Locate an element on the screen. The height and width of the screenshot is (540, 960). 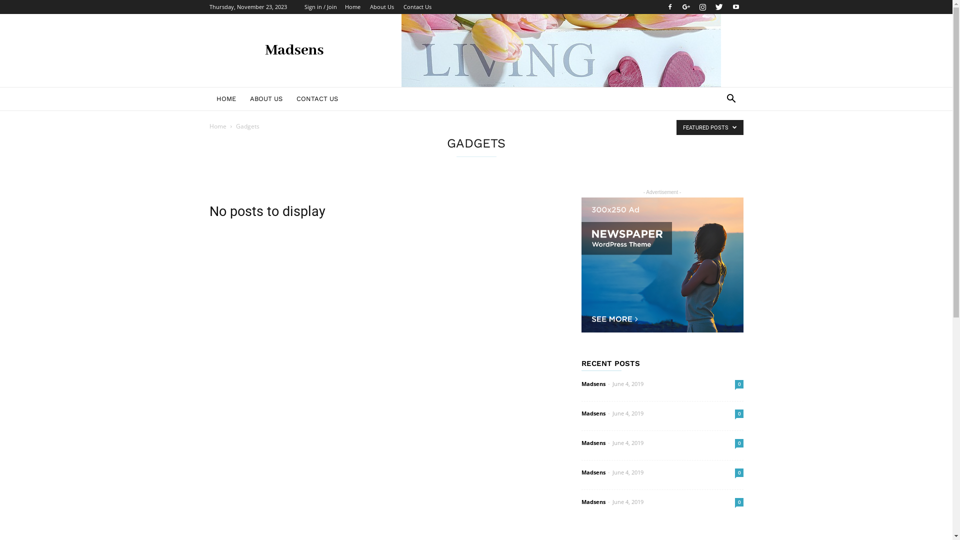
'Home' is located at coordinates (217, 125).